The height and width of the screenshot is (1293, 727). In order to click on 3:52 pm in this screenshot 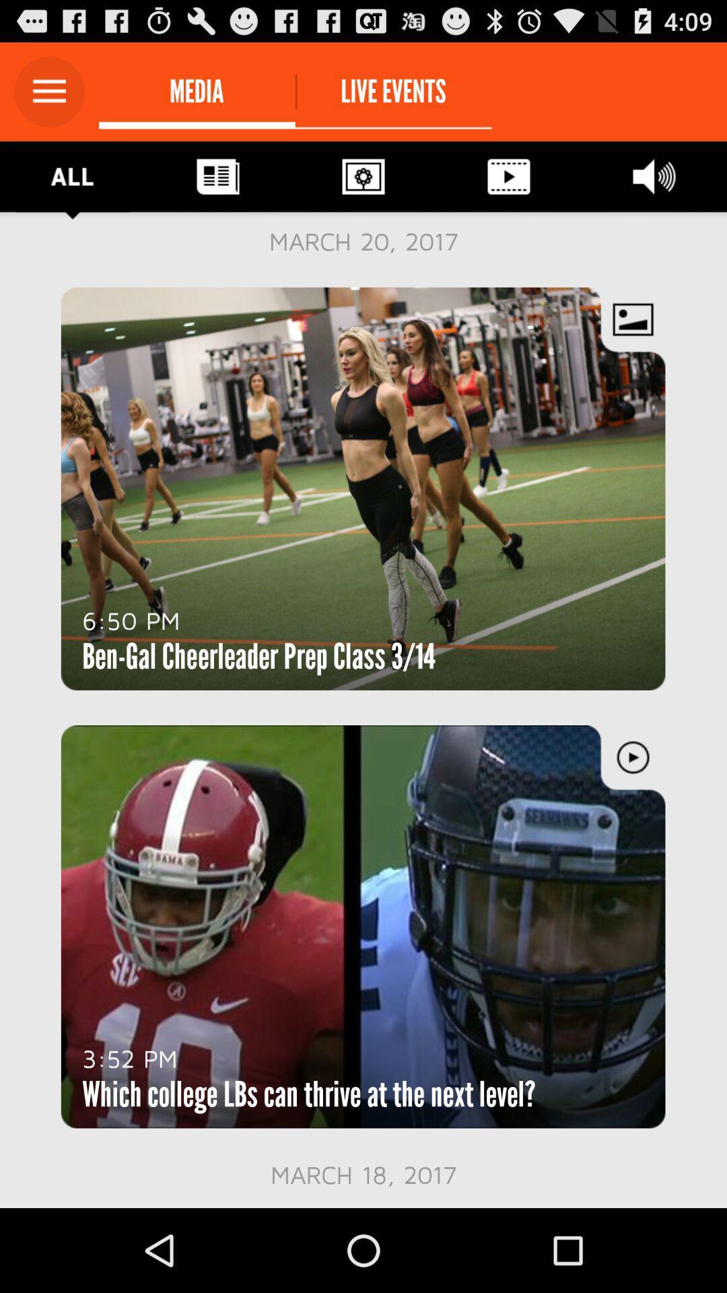, I will do `click(130, 1057)`.